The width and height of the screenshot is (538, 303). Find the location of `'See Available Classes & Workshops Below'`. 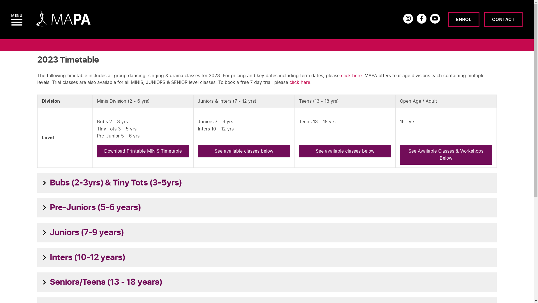

'See Available Classes & Workshops Below' is located at coordinates (446, 155).